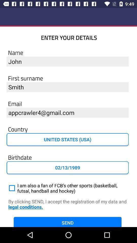  Describe the element at coordinates (67, 112) in the screenshot. I see `appcrawler4@gmail.com` at that location.